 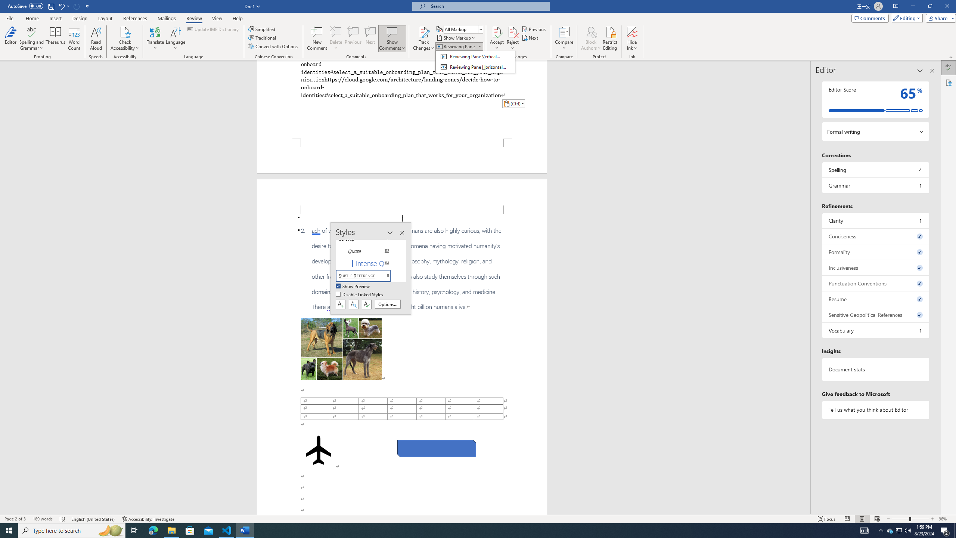 What do you see at coordinates (367, 304) in the screenshot?
I see `'Class: NetUIButton'` at bounding box center [367, 304].